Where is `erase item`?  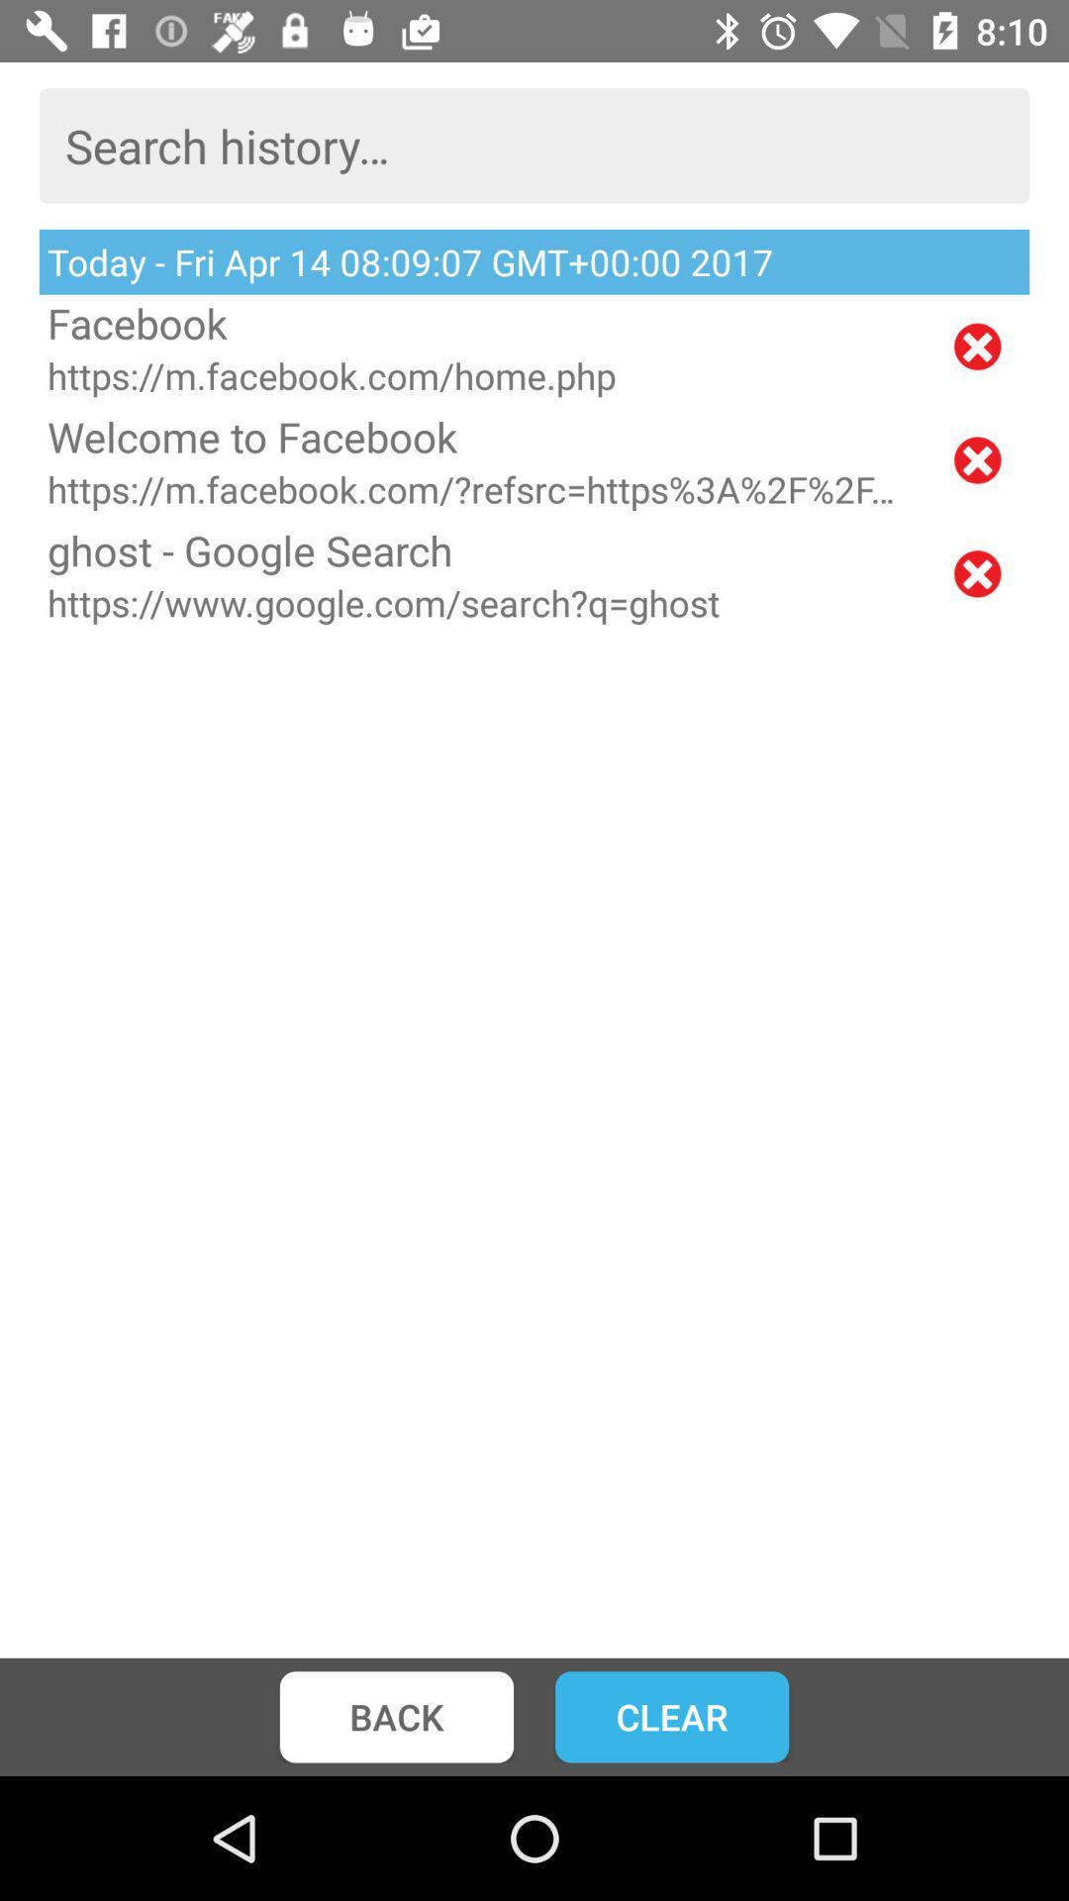
erase item is located at coordinates (976, 459).